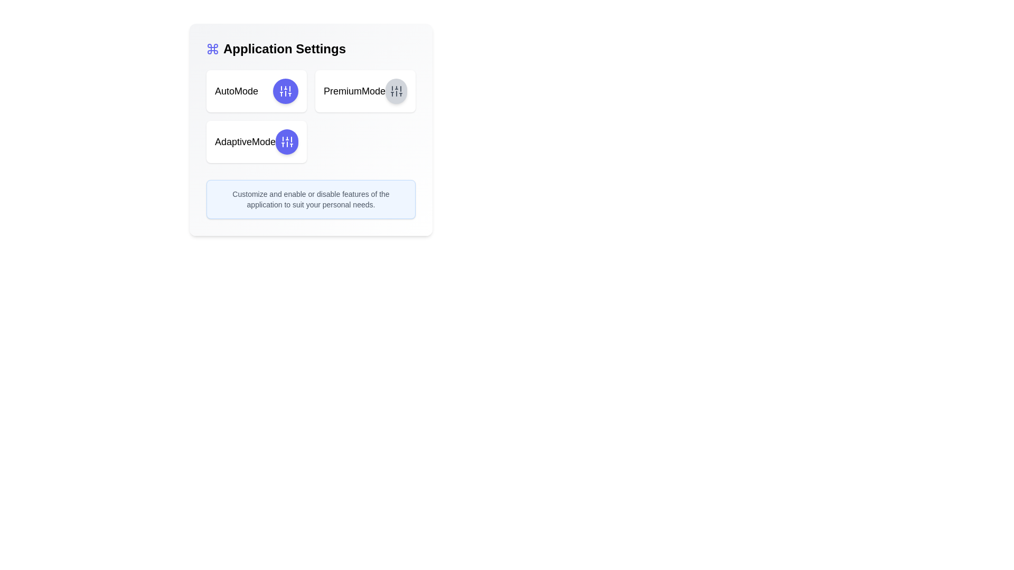 This screenshot has height=570, width=1014. Describe the element at coordinates (365, 91) in the screenshot. I see `the 'PremiumMode' button-like card, which has a white background, rounded corners, and contains centered text styled in medium font, along with a circular icon on the right side` at that location.